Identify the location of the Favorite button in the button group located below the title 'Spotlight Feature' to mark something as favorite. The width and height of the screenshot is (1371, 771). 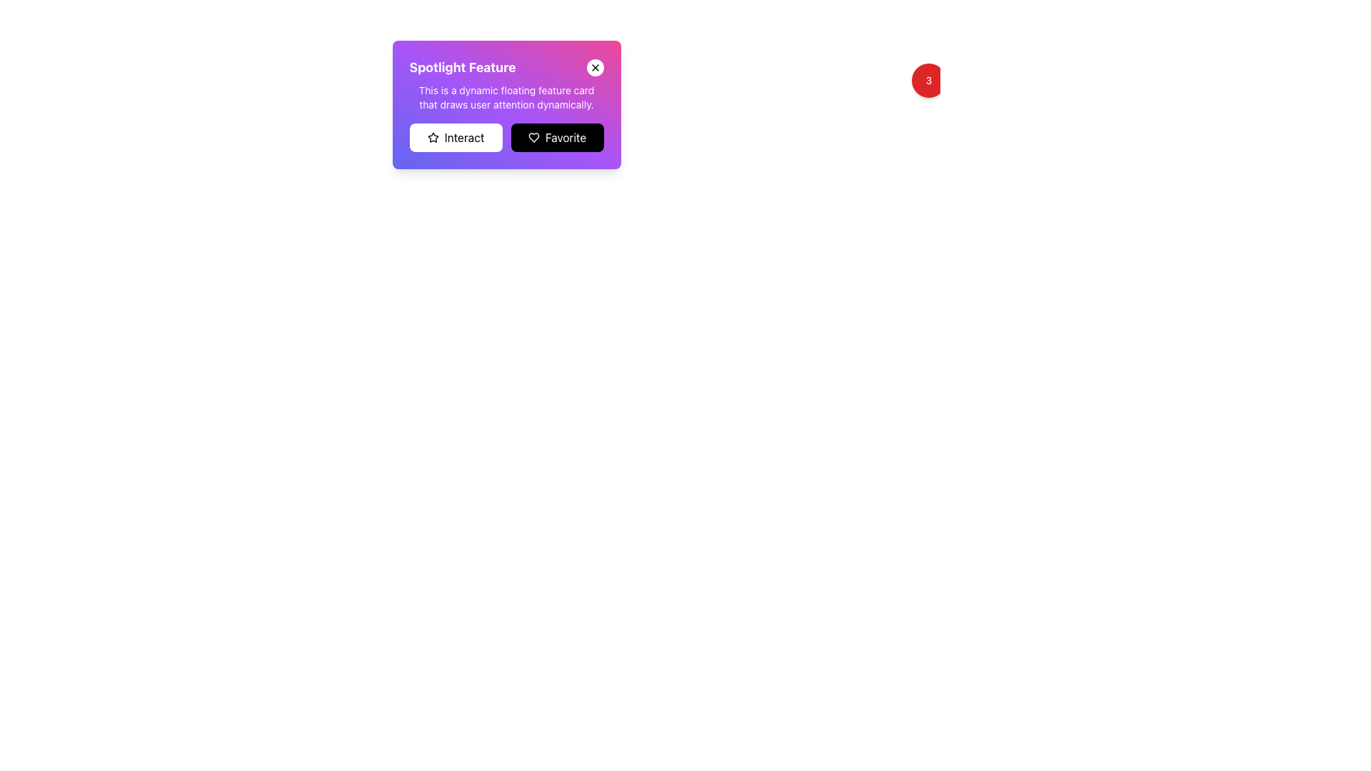
(506, 137).